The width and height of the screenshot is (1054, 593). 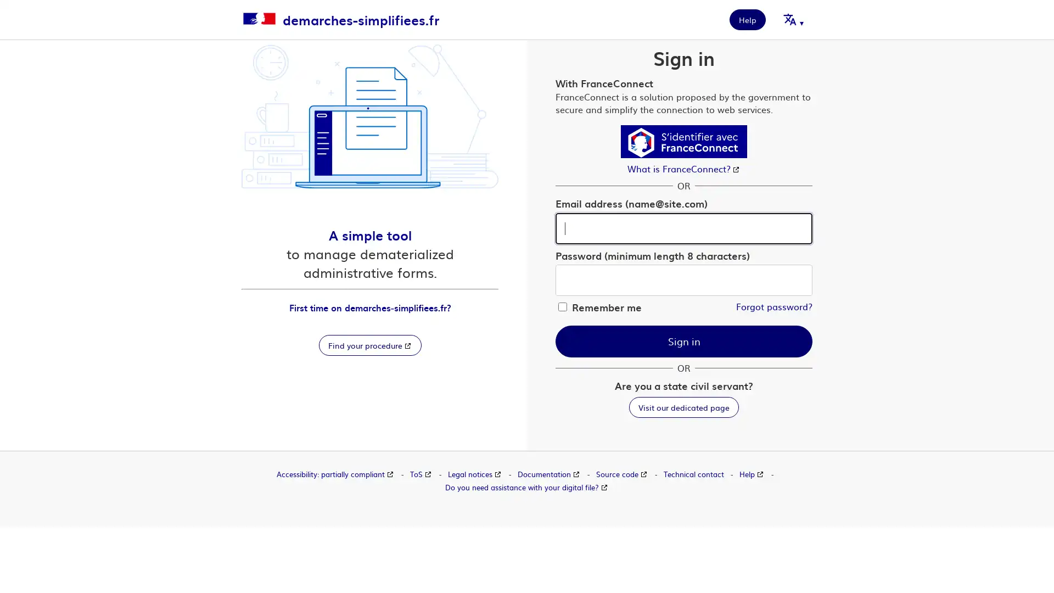 I want to click on Sign in, so click(x=683, y=340).